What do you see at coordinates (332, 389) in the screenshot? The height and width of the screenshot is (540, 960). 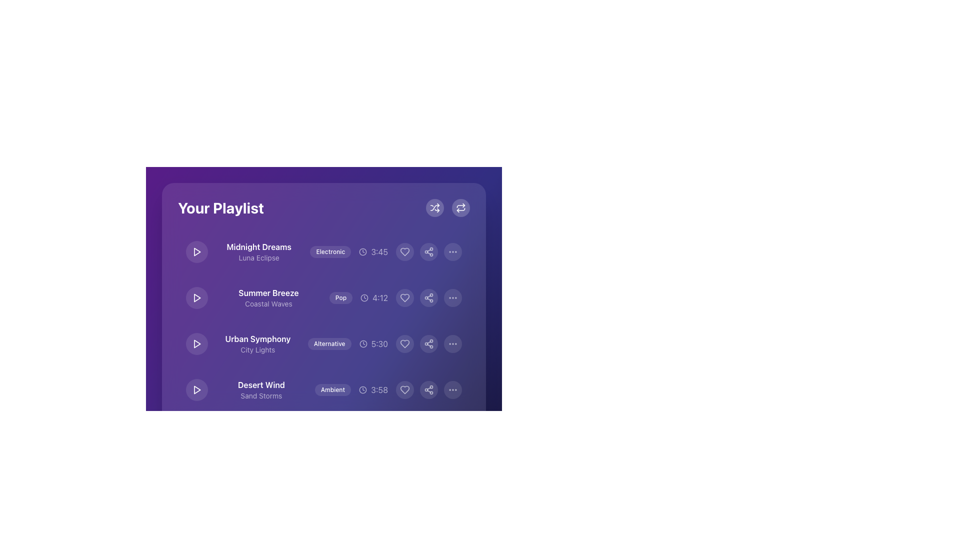 I see `the rounded rectangular badge labeled 'Ambient', which is located to the right of the main title and subtitle within the entry labeled 'Desert Wind' in the playlist` at bounding box center [332, 389].